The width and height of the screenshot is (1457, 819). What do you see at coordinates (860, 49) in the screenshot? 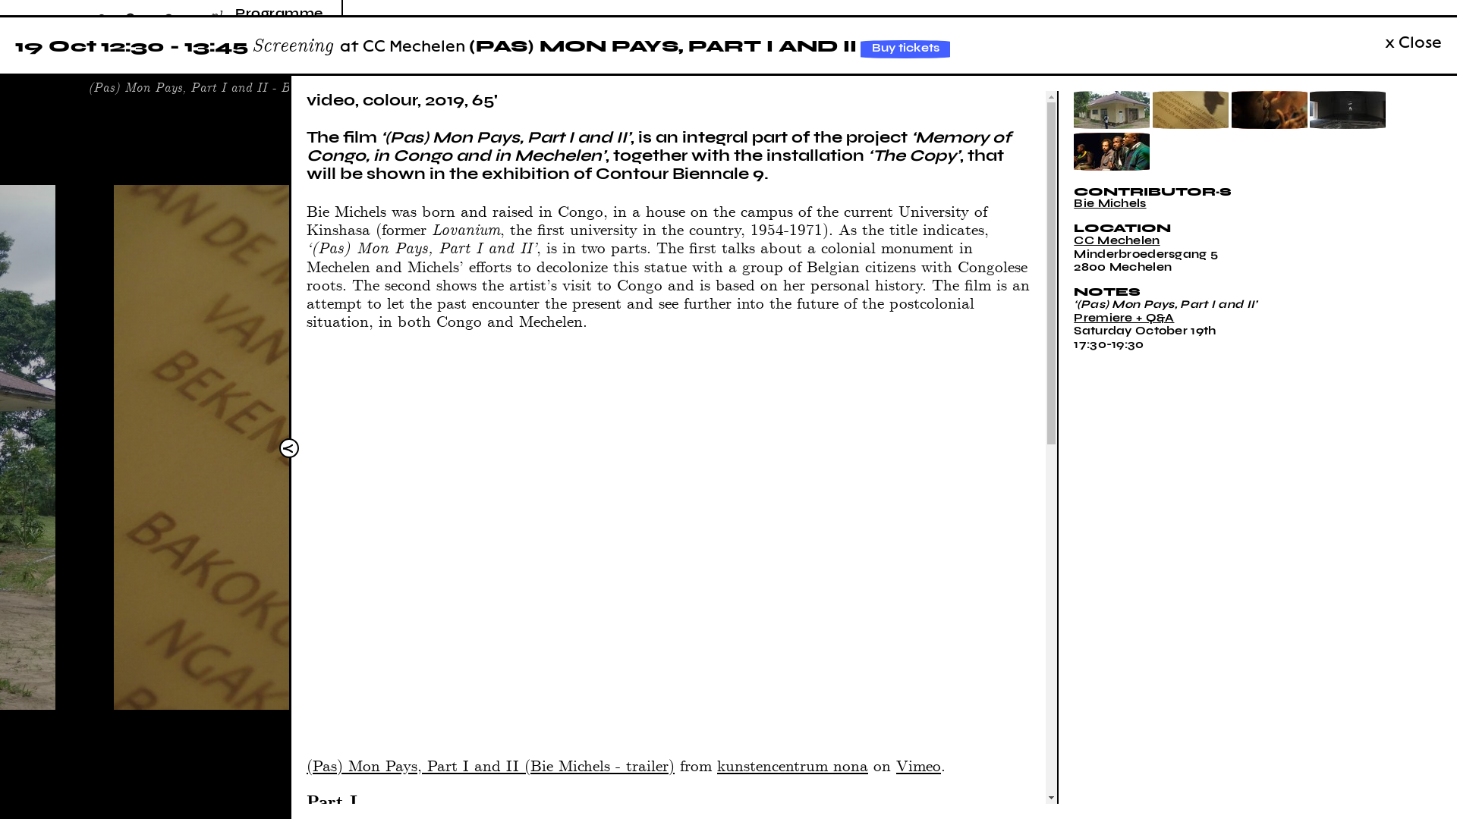
I see `'Buy tickets'` at bounding box center [860, 49].